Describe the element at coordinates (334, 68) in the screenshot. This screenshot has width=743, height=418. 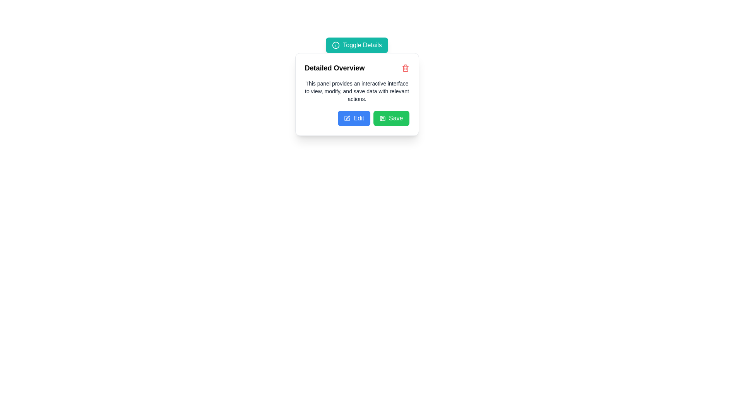
I see `the text label 'Detailed Overview', which is styled in bold and positioned centrally above the content area within the header section of the modal interface` at that location.